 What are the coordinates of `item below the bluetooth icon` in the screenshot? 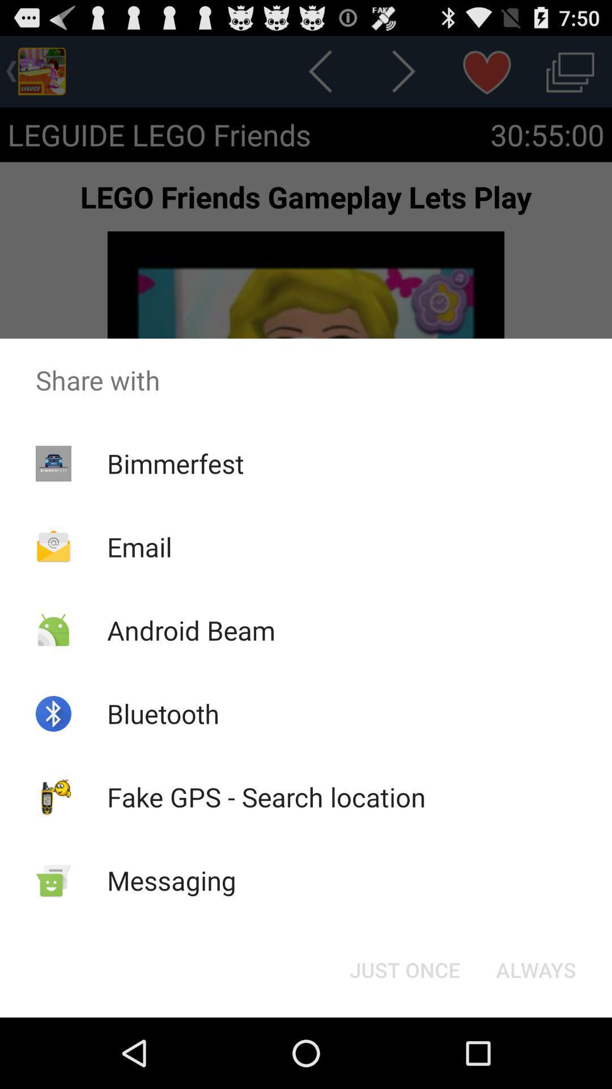 It's located at (266, 796).